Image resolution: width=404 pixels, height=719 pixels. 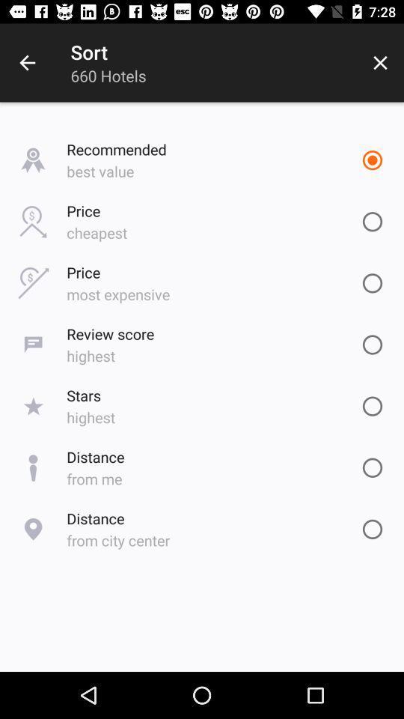 I want to click on icon to the right of 660 hotels icon, so click(x=380, y=63).